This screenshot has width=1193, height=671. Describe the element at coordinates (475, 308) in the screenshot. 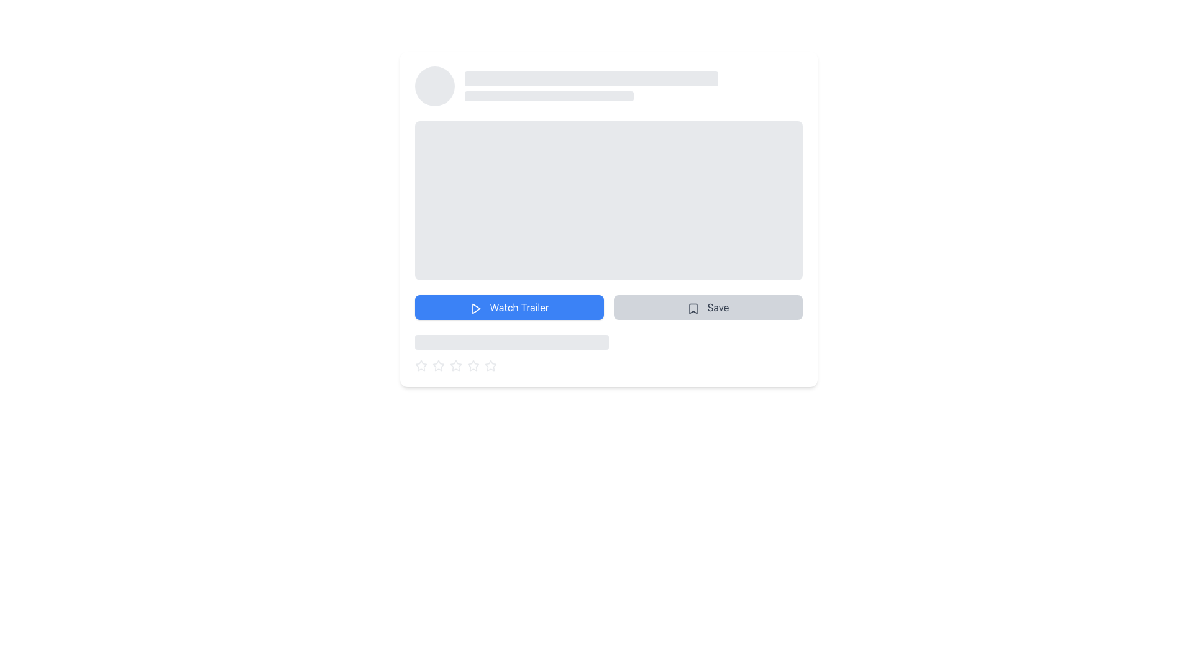

I see `the play button icon within the 'Watch Trailer' button, which is styled with a triangular shape and set against a blue background` at that location.